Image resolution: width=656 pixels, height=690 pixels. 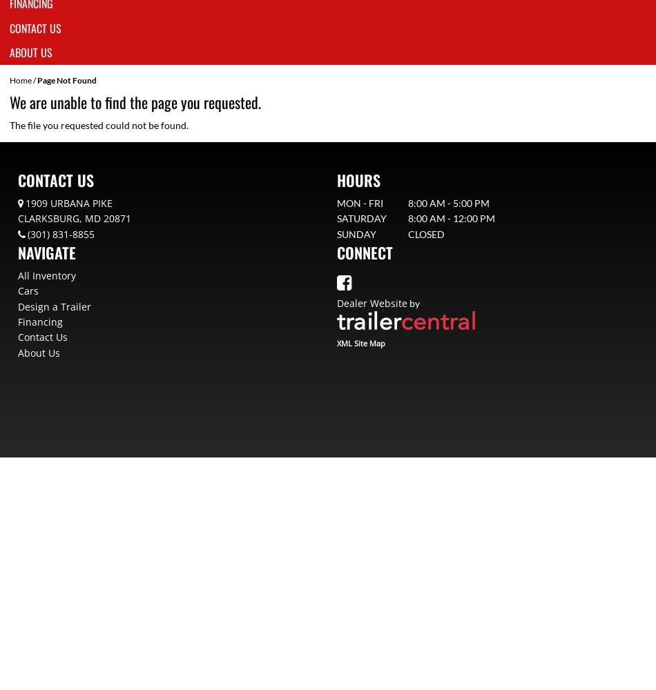 What do you see at coordinates (40, 321) in the screenshot?
I see `'Financing'` at bounding box center [40, 321].